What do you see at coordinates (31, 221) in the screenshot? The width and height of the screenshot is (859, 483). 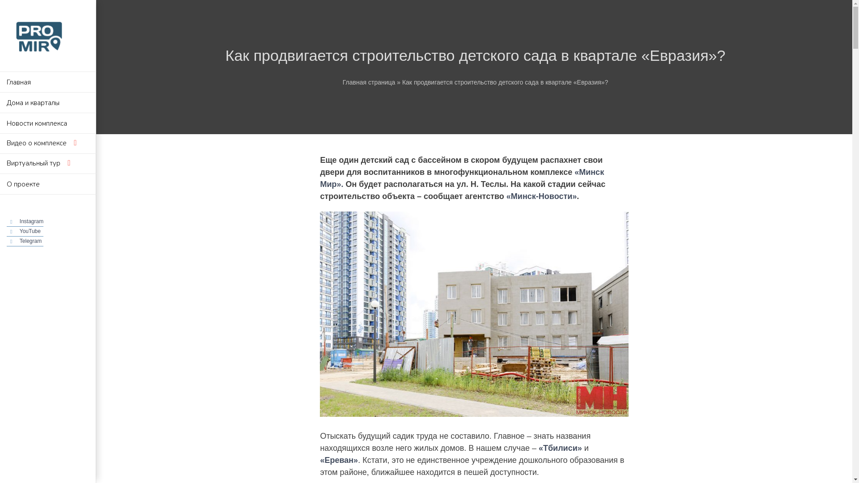 I see `'Instagram'` at bounding box center [31, 221].